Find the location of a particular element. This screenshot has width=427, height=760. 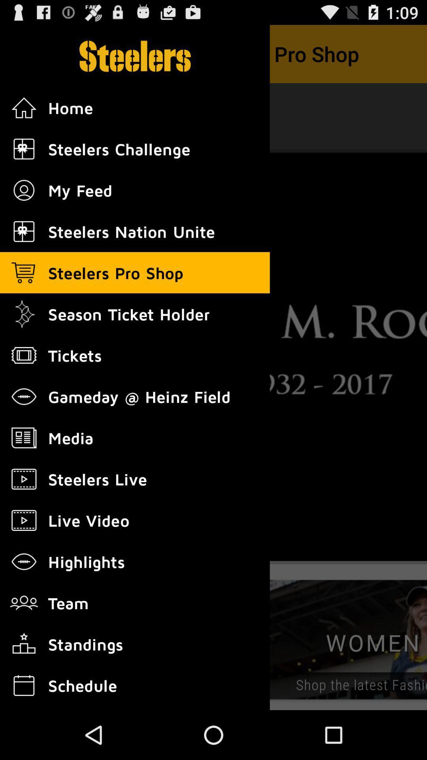

the icon which is beside steelers live is located at coordinates (24, 479).